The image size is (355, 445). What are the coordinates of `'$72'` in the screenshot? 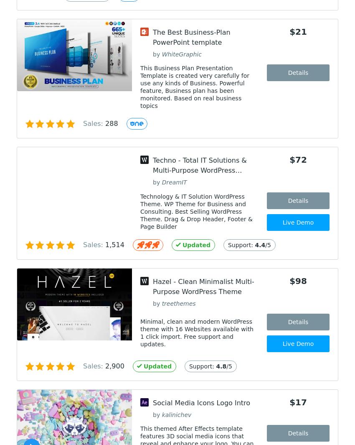 It's located at (289, 159).